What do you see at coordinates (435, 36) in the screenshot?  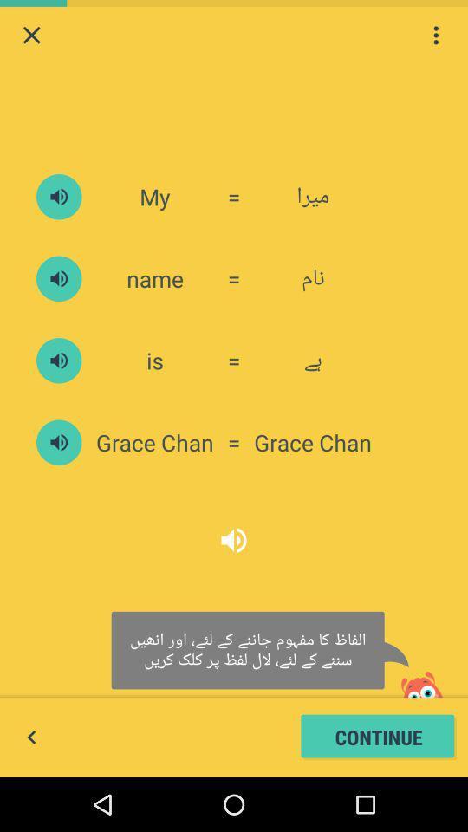 I see `the more icon` at bounding box center [435, 36].